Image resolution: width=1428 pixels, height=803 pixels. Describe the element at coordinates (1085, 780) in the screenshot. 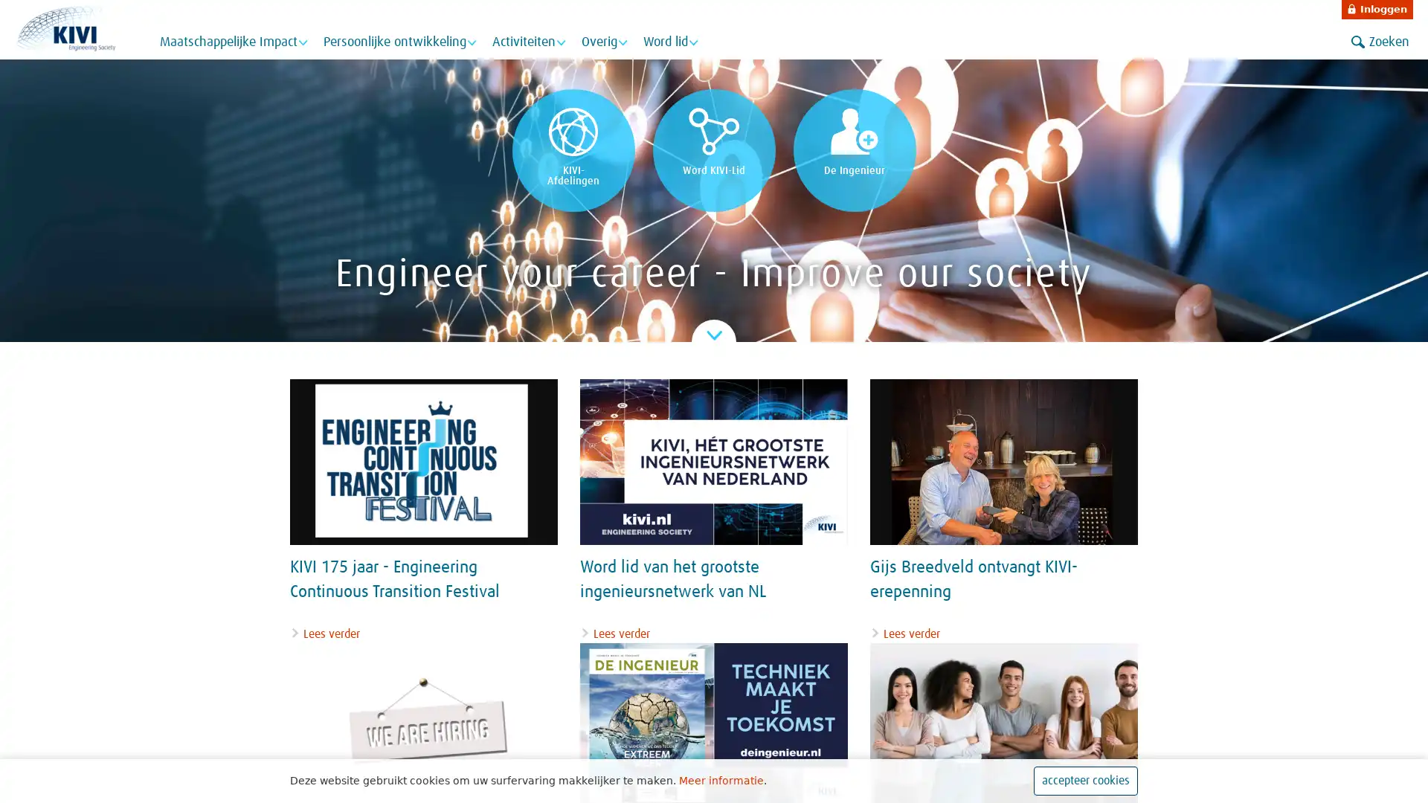

I see `accepteer cookies` at that location.